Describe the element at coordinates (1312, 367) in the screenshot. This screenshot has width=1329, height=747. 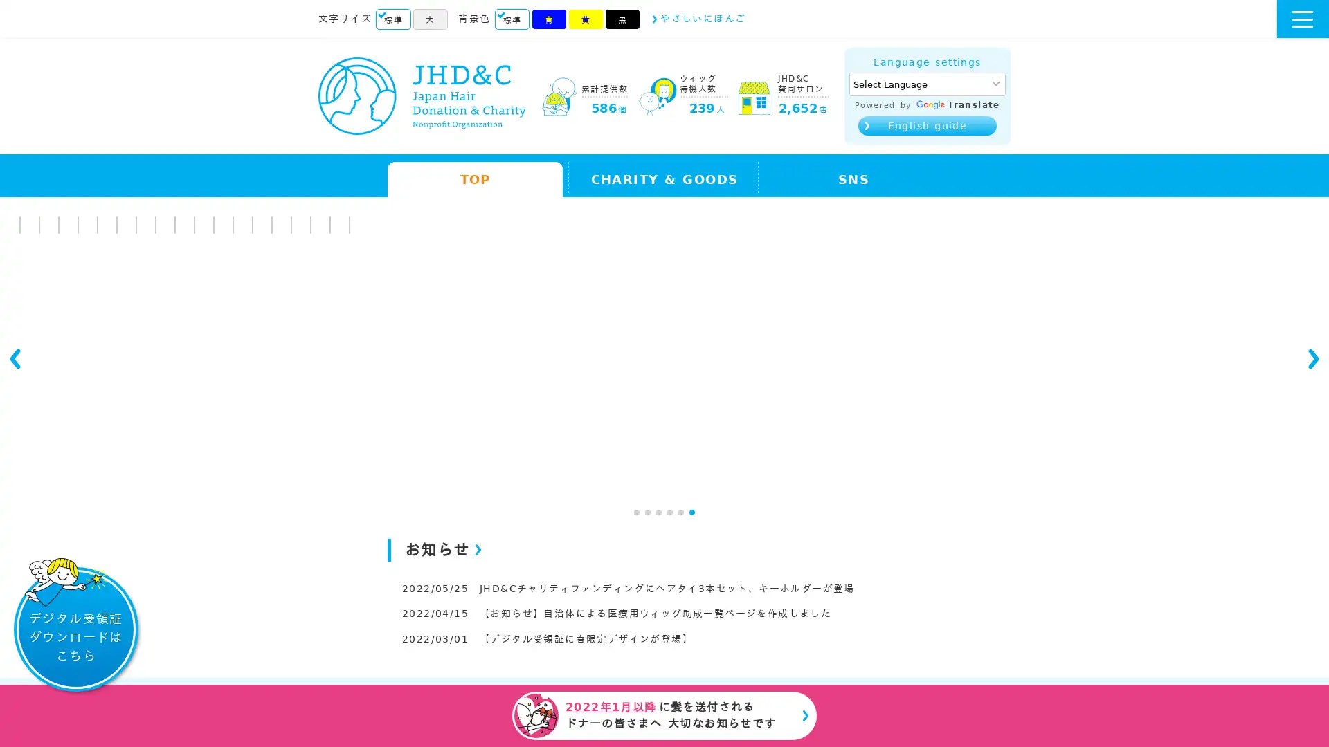
I see `Next slide` at that location.